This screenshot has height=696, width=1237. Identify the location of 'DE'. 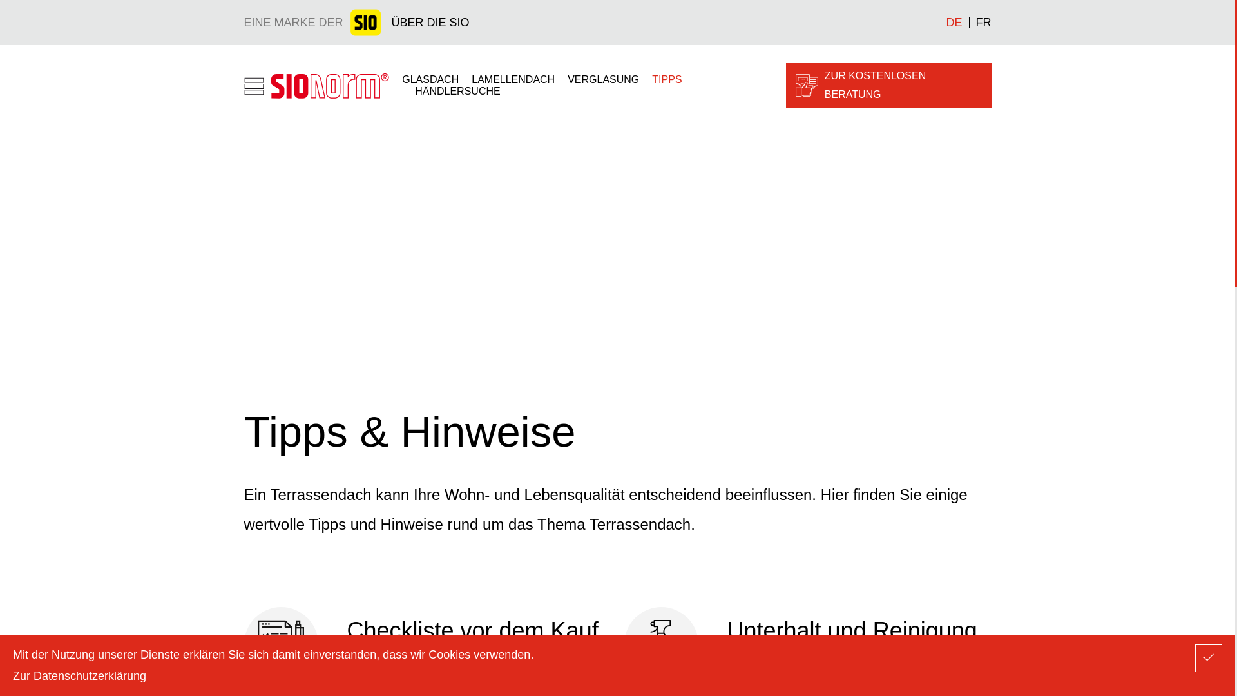
(946, 22).